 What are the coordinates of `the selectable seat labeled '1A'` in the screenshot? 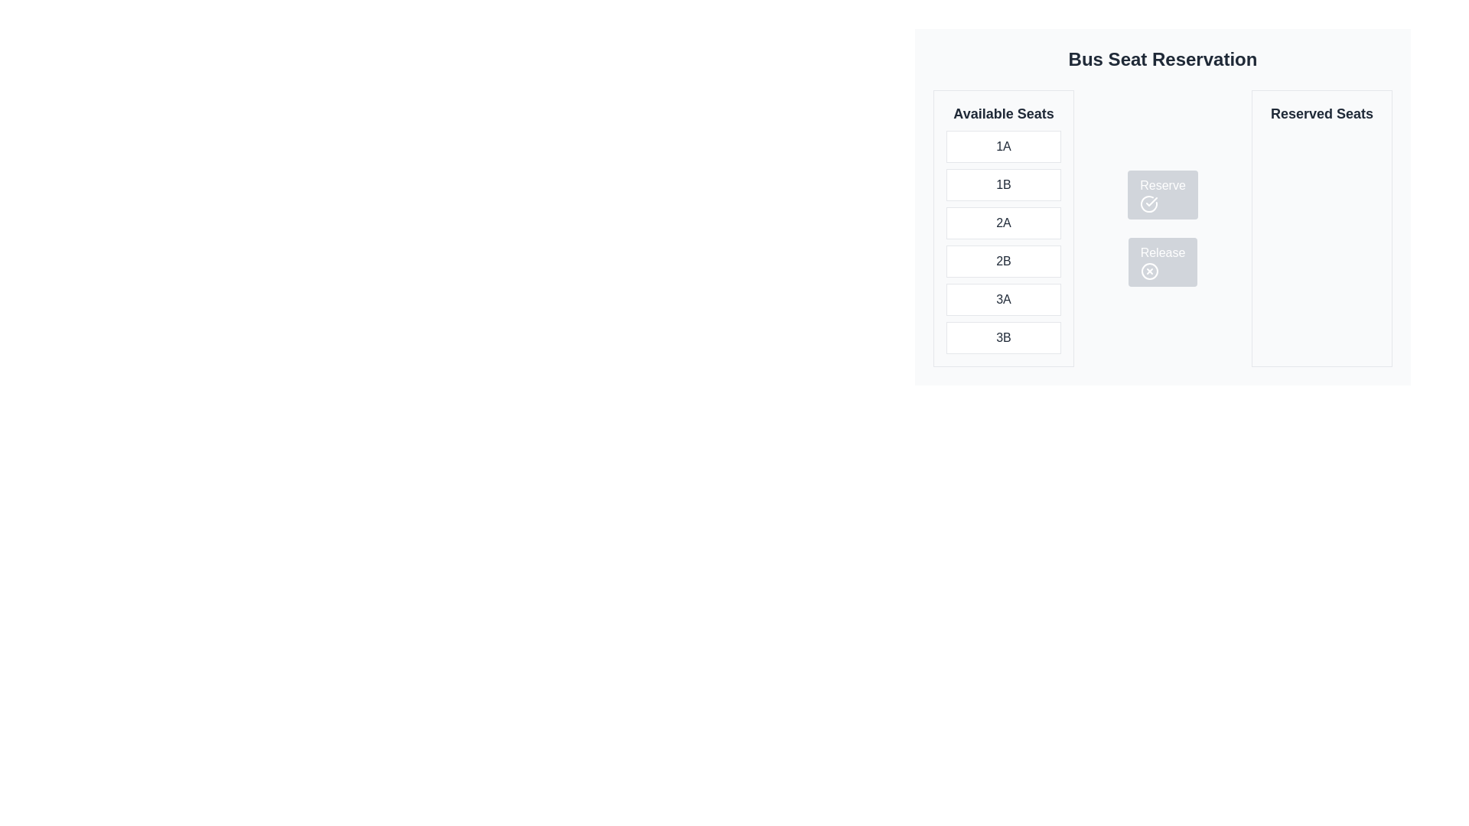 It's located at (1003, 147).